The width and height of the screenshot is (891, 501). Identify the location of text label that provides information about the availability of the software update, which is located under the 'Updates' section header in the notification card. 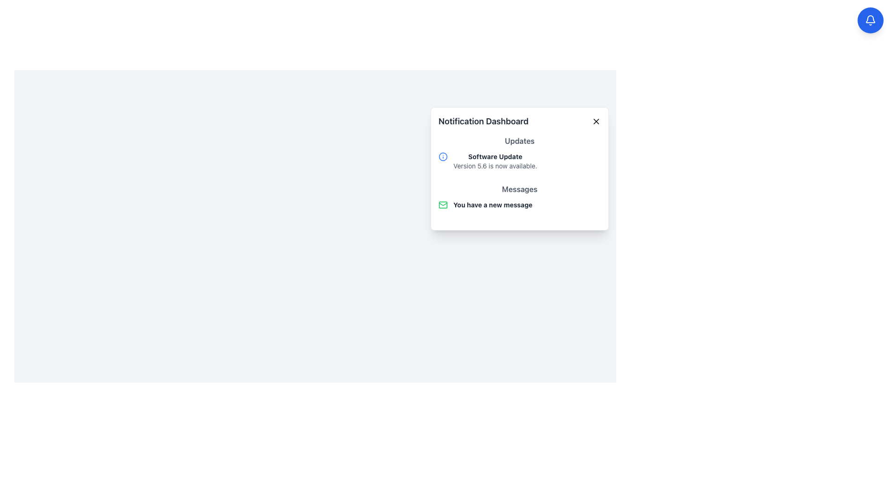
(495, 161).